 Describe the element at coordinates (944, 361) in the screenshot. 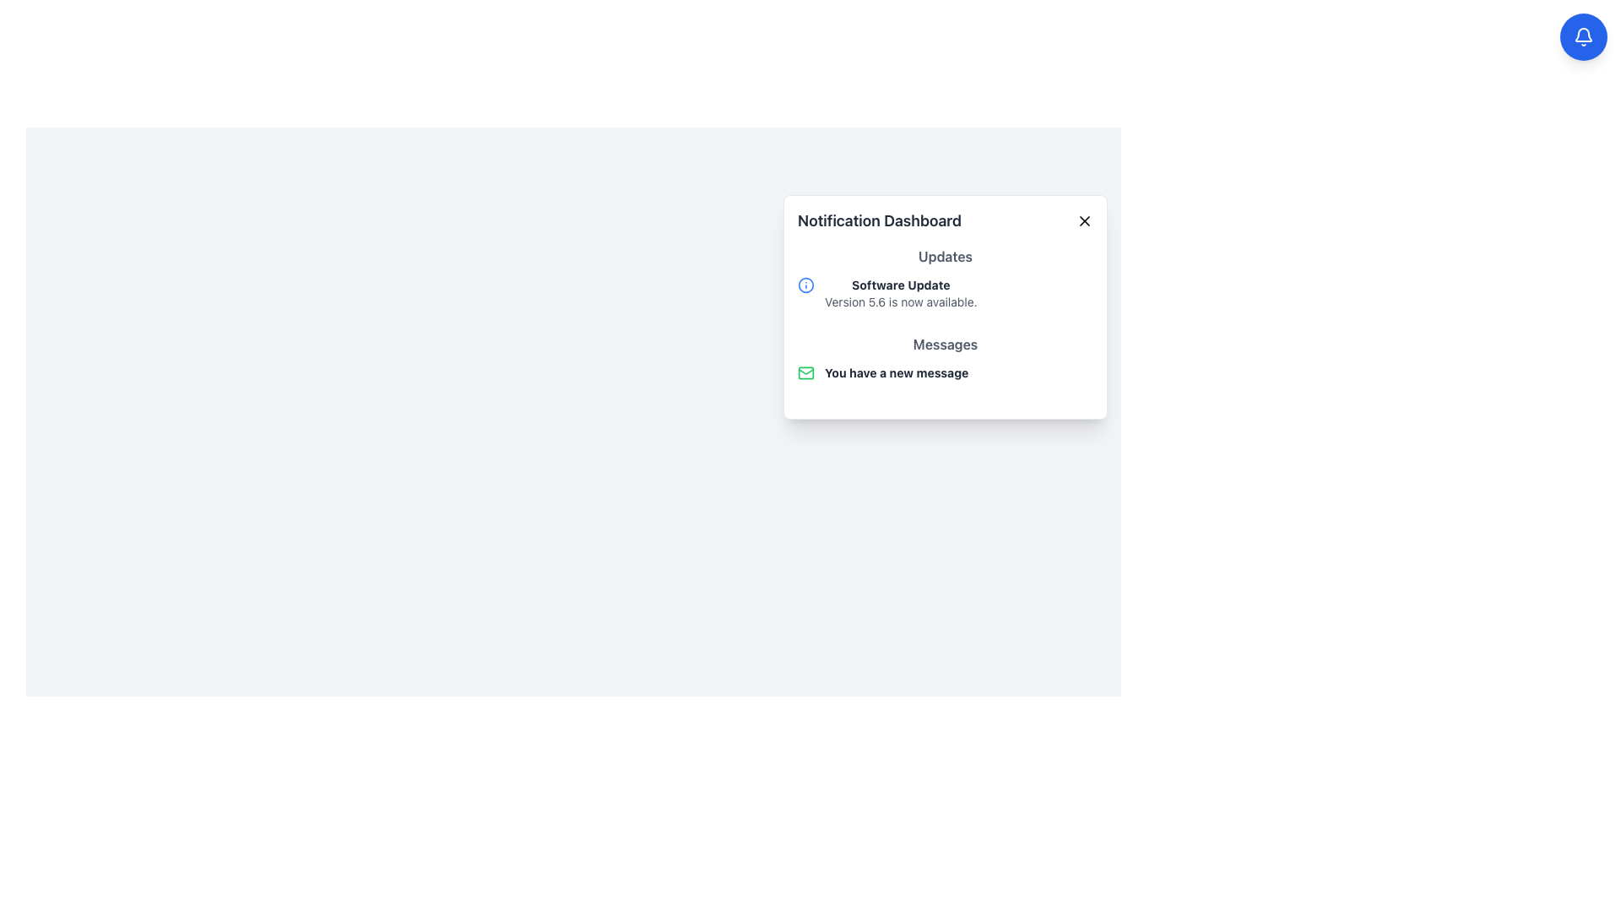

I see `the content of the static text display indicating a new message, located in the 'Messages' section of the notification card under 'Software Update'` at that location.